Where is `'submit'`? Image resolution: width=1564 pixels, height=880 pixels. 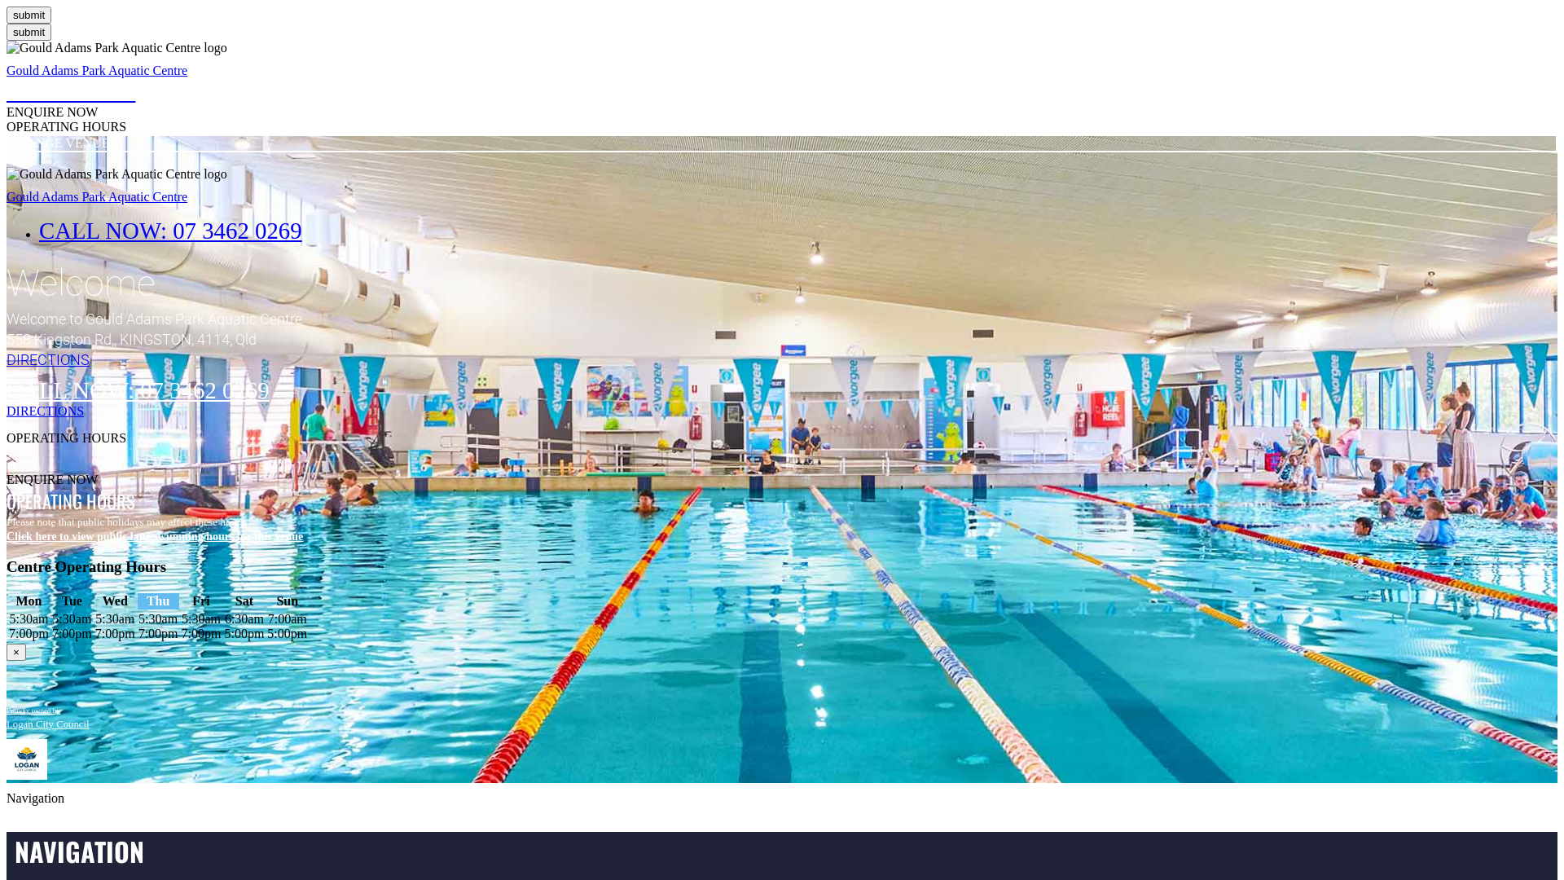 'submit' is located at coordinates (29, 15).